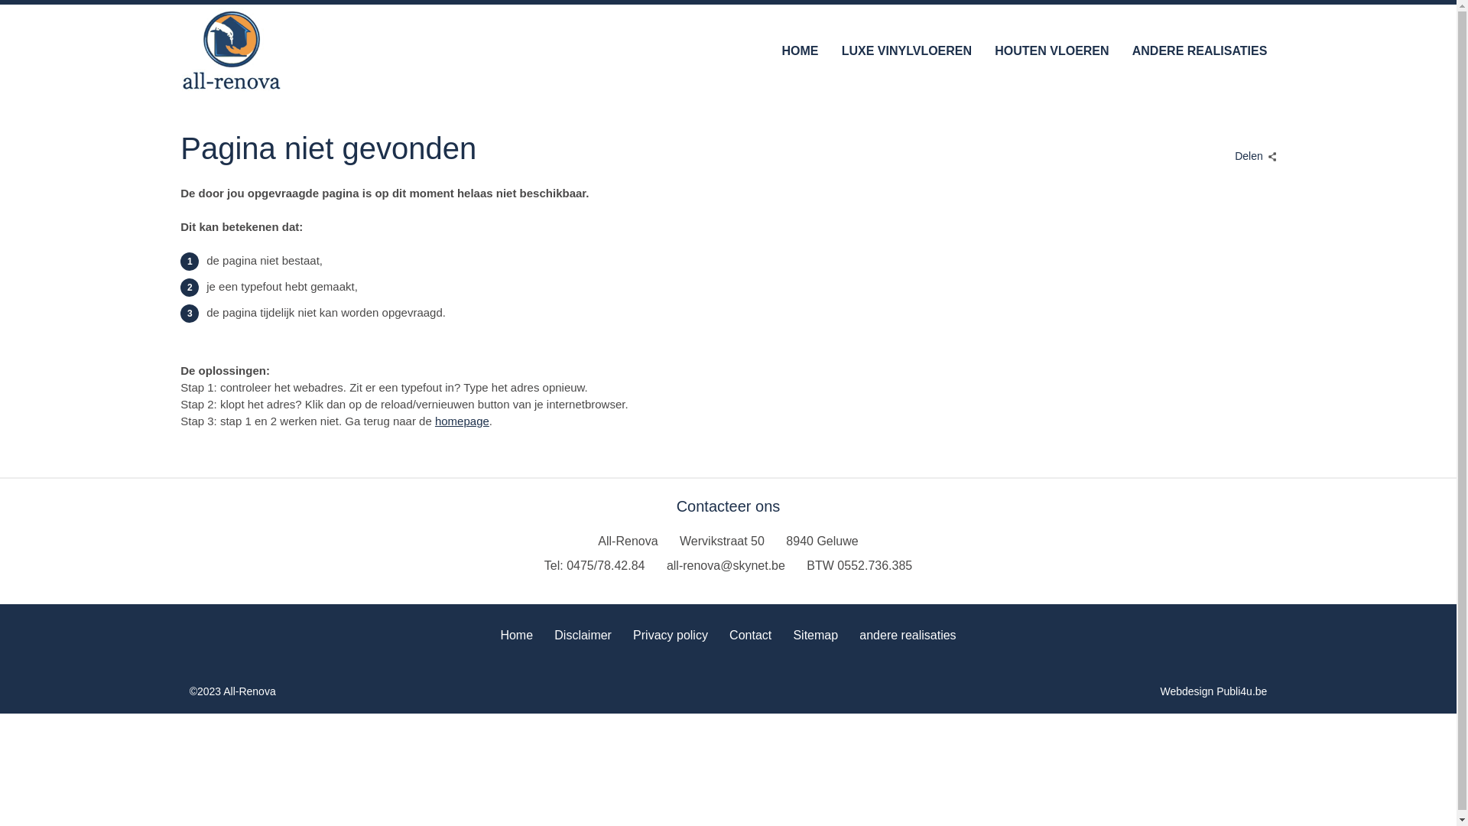  What do you see at coordinates (434, 421) in the screenshot?
I see `'homepage'` at bounding box center [434, 421].